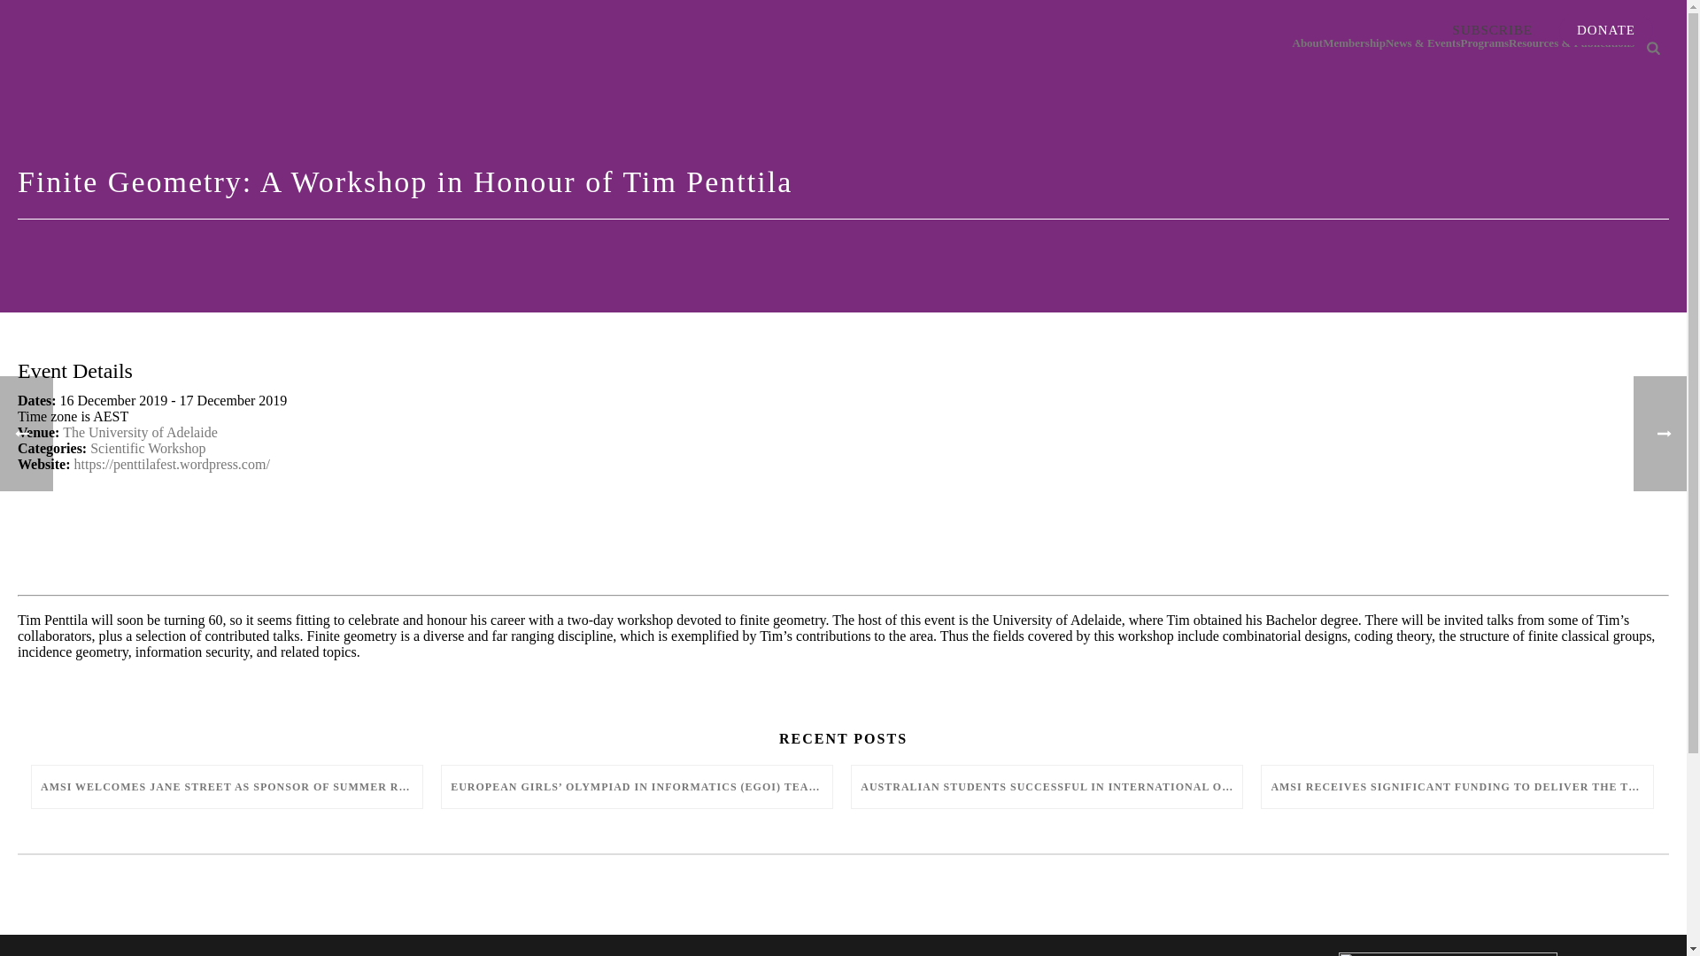 This screenshot has width=1700, height=956. I want to click on 'Programs', so click(1484, 43).